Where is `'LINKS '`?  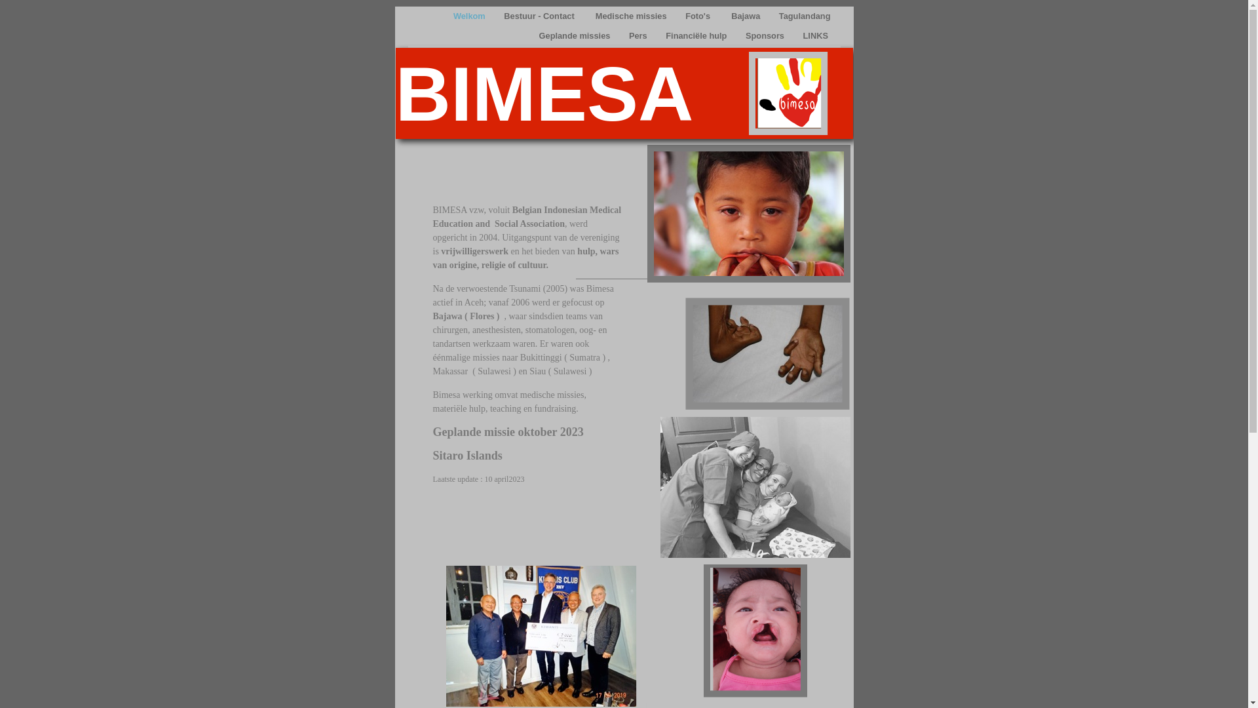
'LINKS ' is located at coordinates (795, 35).